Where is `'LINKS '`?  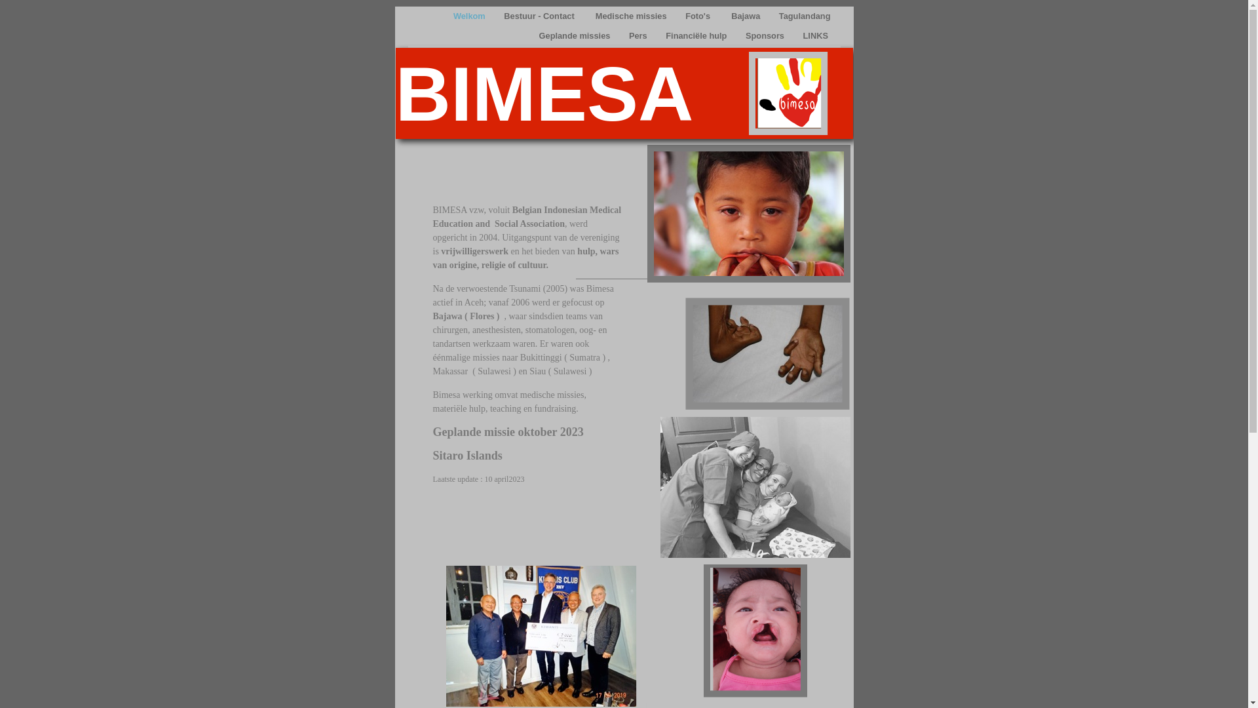
'LINKS ' is located at coordinates (795, 35).